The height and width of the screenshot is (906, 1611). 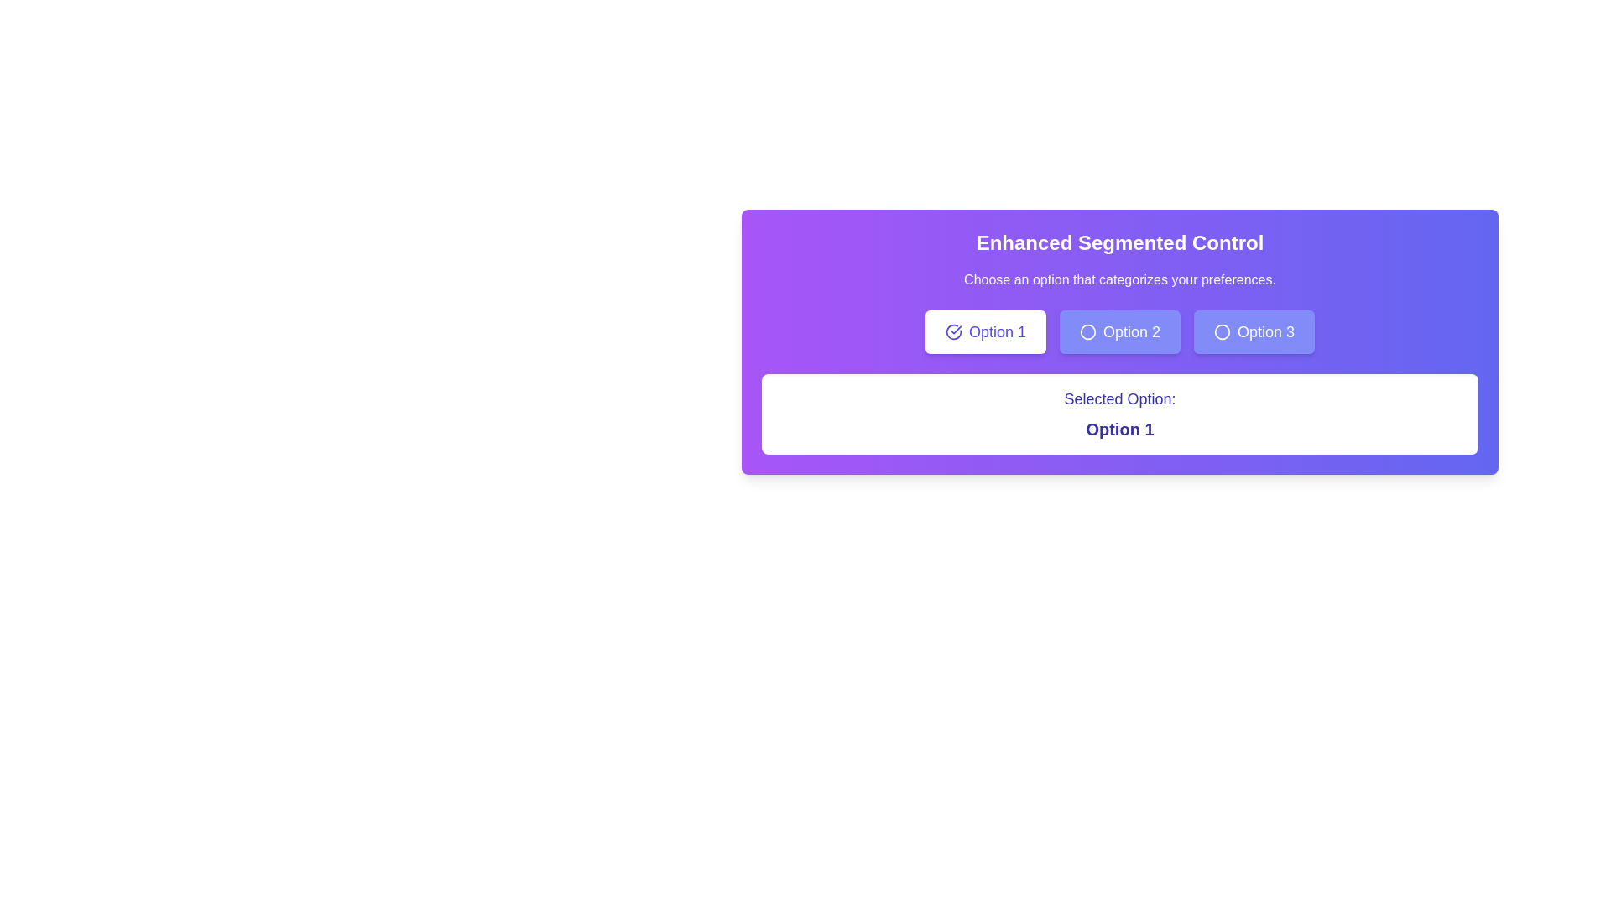 I want to click on the 'Option 2' button within the segmented control component, so click(x=1119, y=332).